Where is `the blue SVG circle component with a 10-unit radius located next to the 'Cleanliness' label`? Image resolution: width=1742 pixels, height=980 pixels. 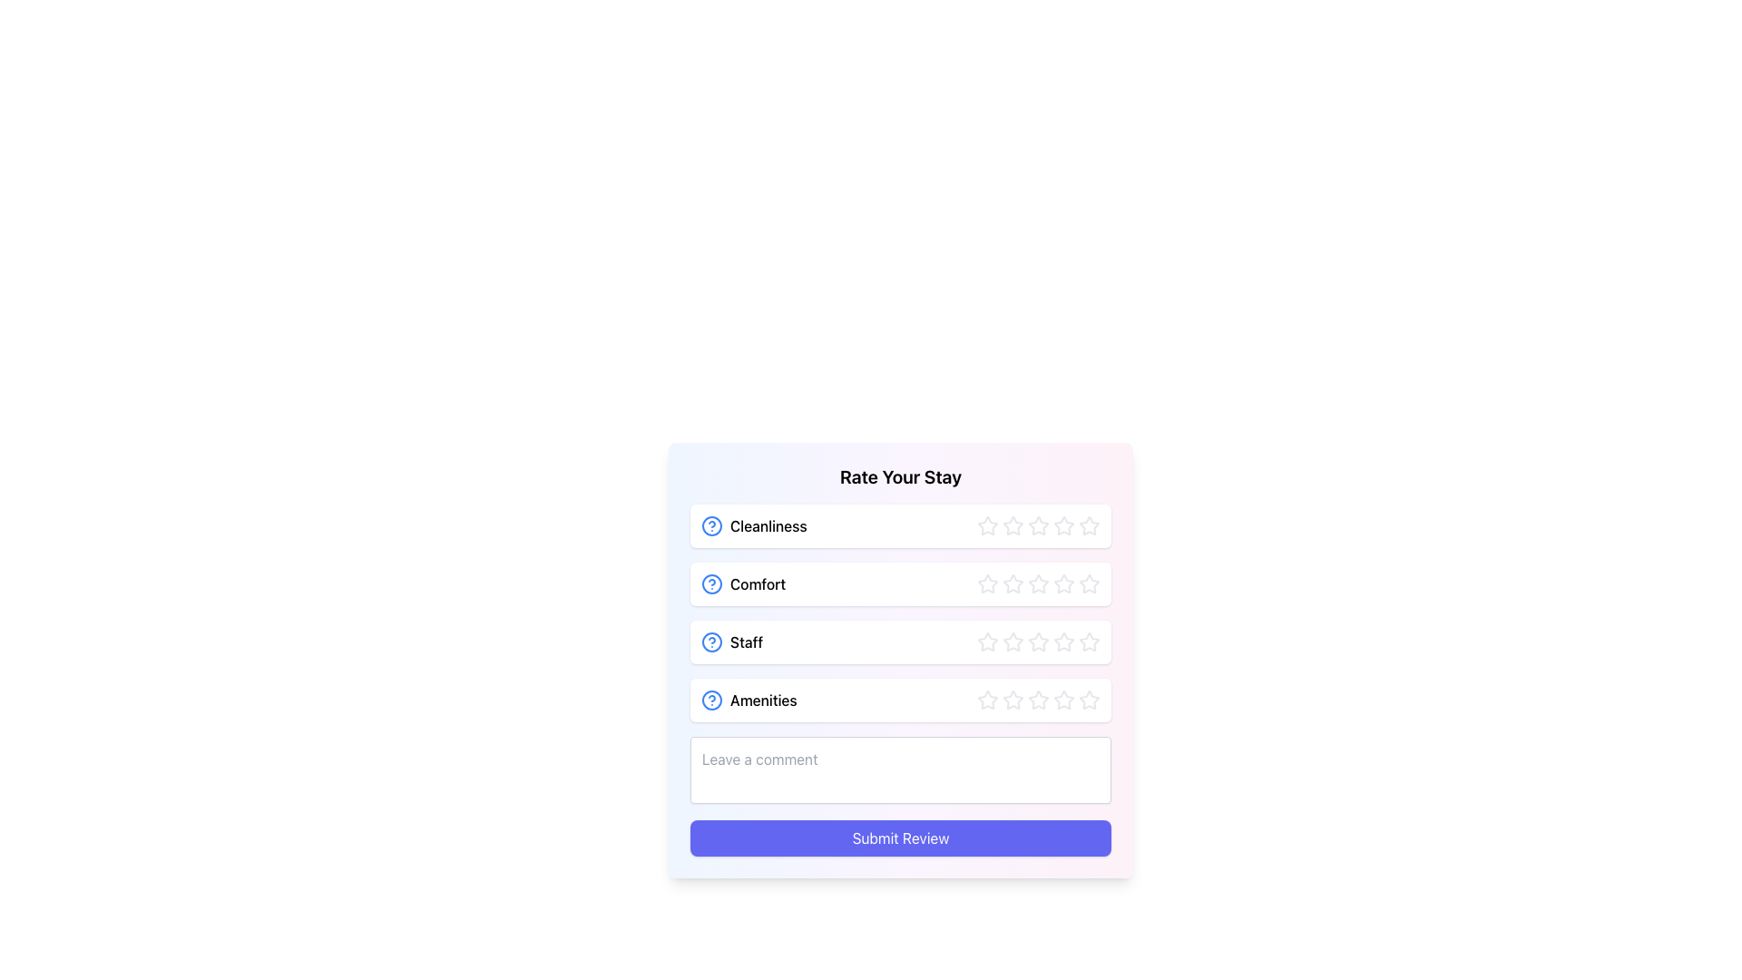
the blue SVG circle component with a 10-unit radius located next to the 'Cleanliness' label is located at coordinates (711, 525).